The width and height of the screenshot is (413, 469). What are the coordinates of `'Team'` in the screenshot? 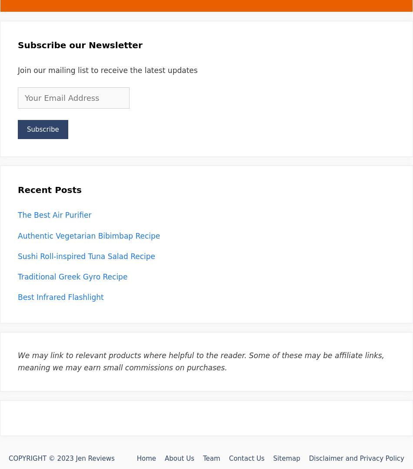 It's located at (211, 457).